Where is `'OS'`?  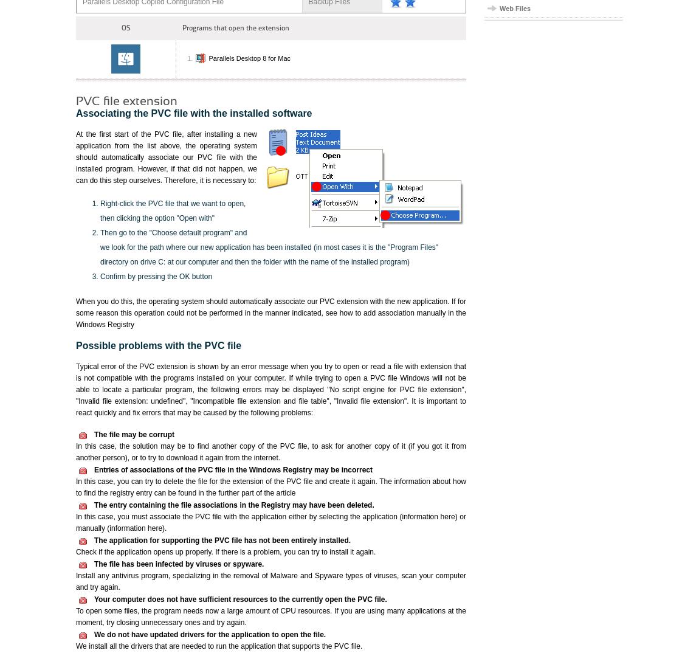
'OS' is located at coordinates (120, 27).